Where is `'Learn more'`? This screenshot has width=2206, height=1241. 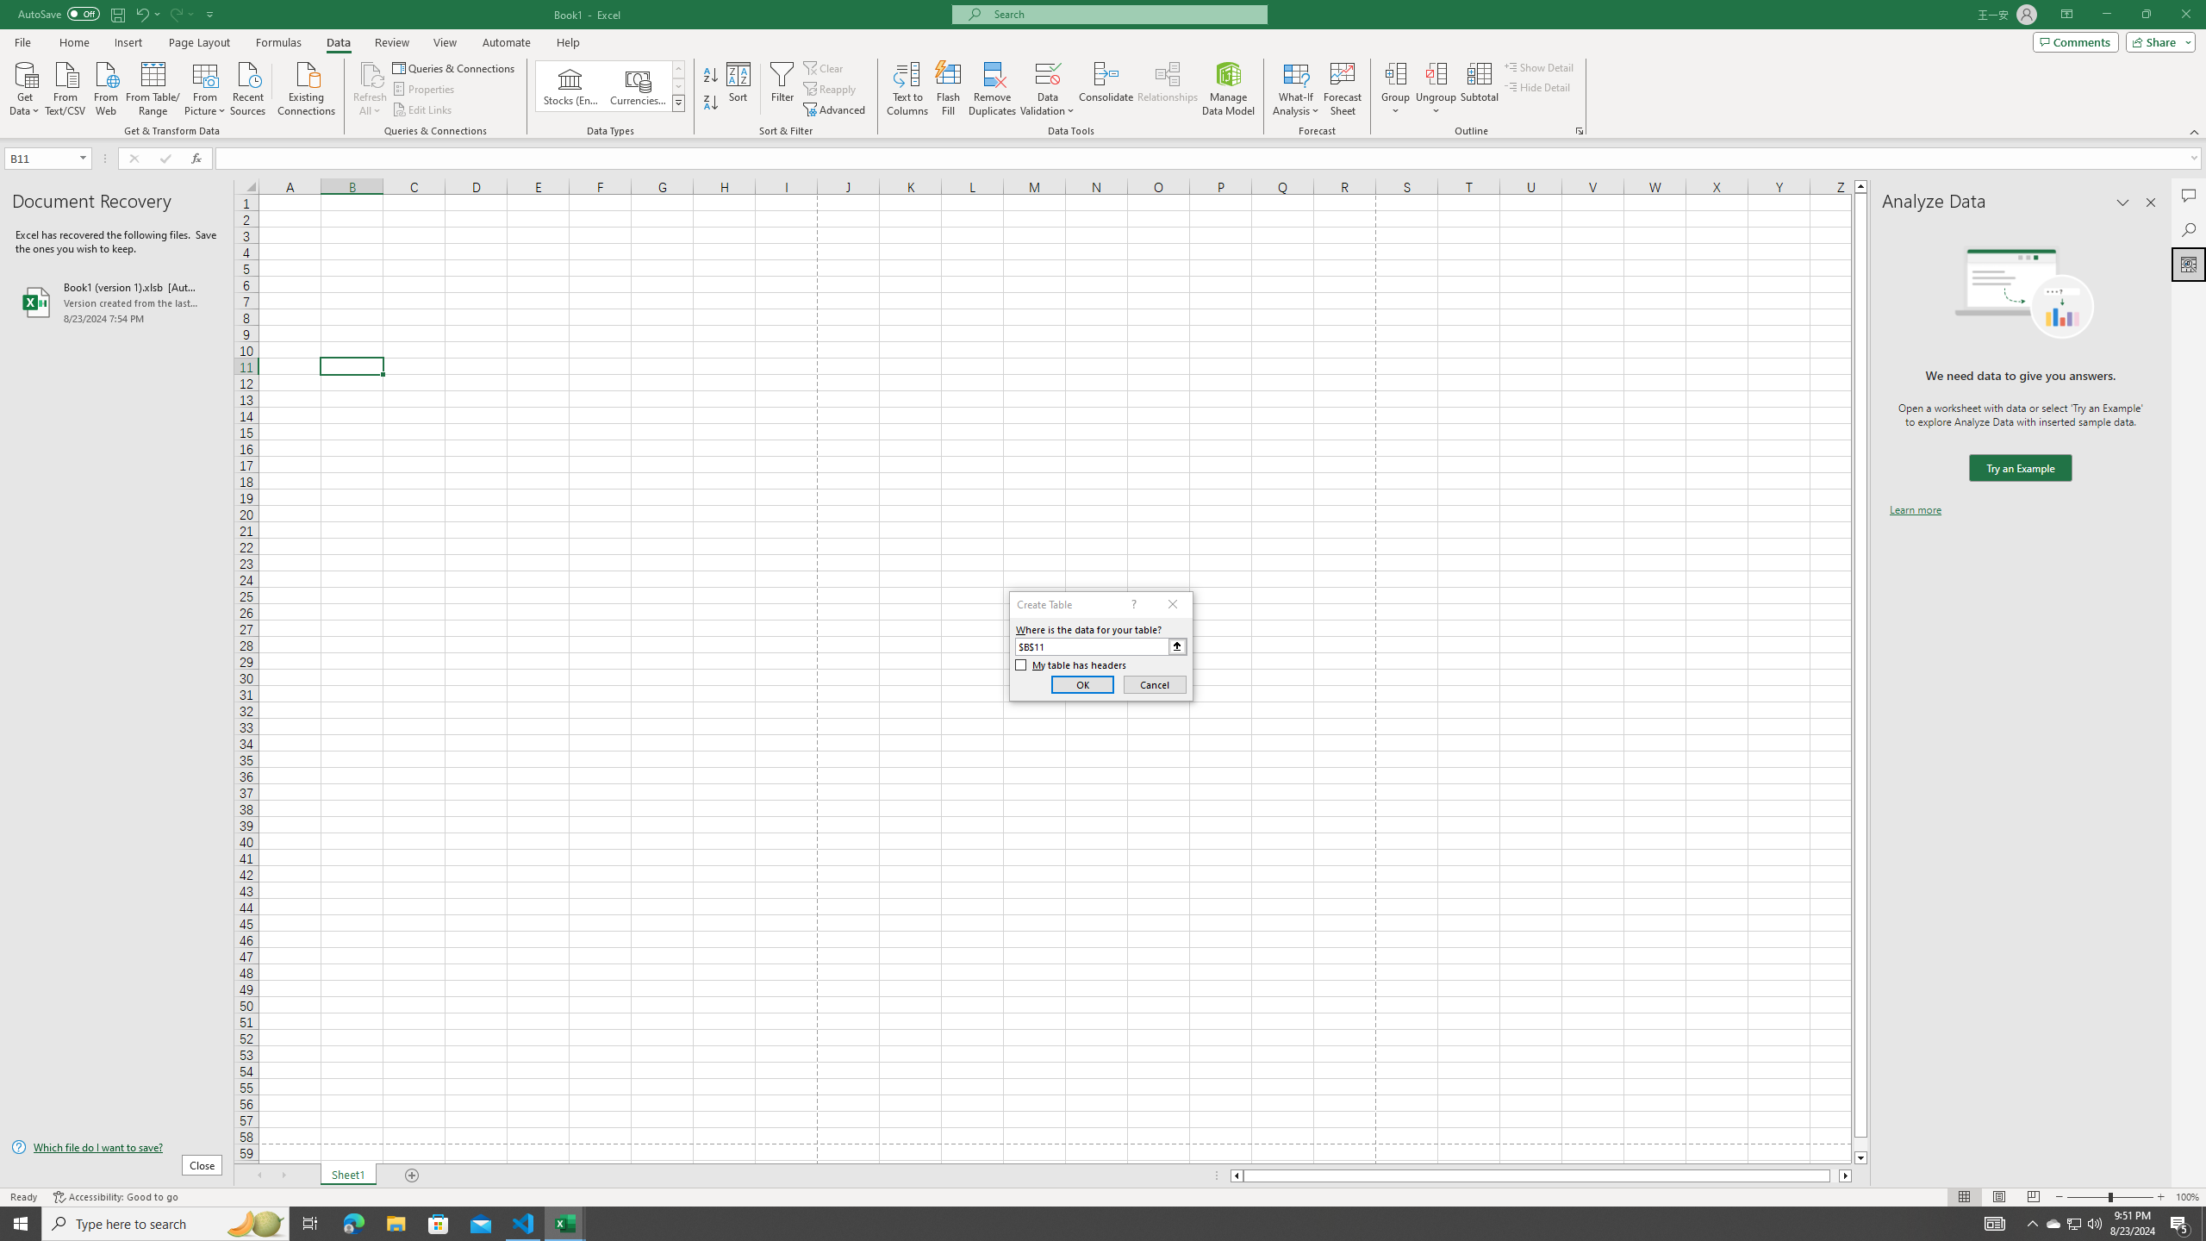
'Learn more' is located at coordinates (1915, 508).